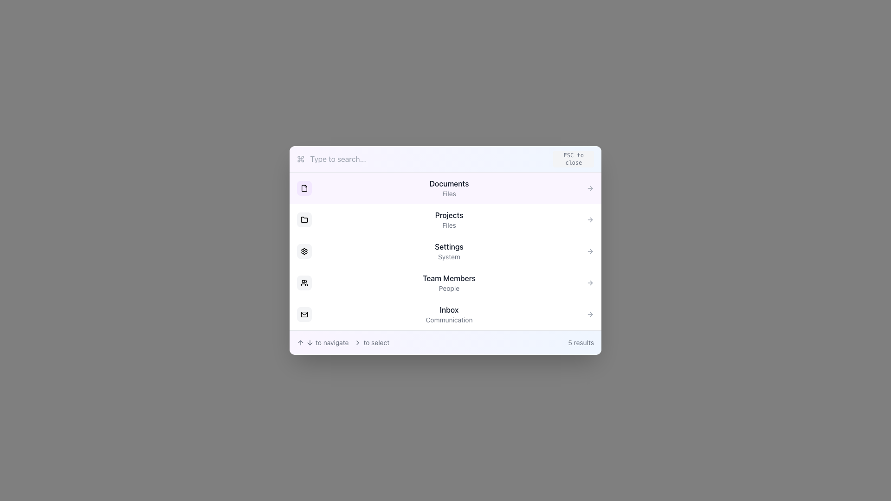 This screenshot has width=891, height=501. I want to click on the 'Settings' menu item in the interactive list, so click(445, 251).